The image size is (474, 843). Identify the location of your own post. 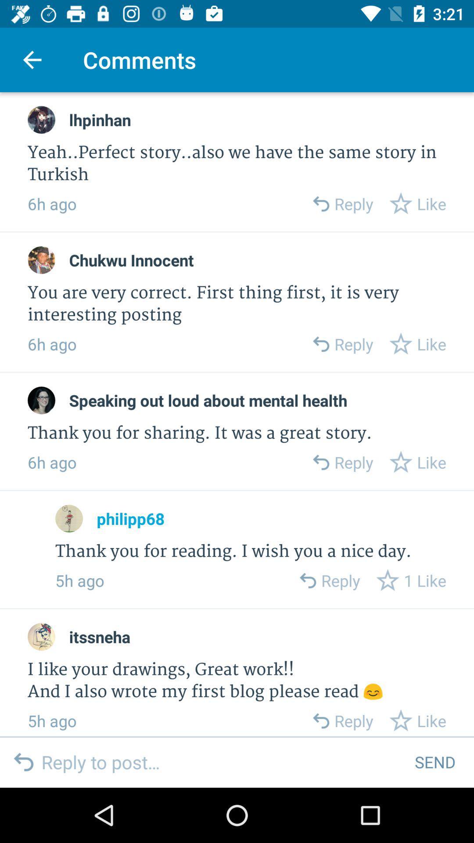
(221, 761).